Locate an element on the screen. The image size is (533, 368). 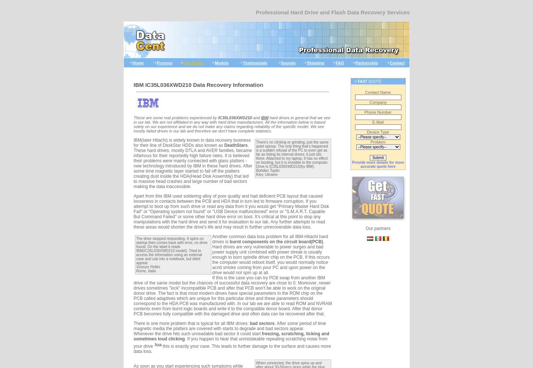
'IBM IC35L036XWD210 Data Recovery Information' is located at coordinates (198, 84).